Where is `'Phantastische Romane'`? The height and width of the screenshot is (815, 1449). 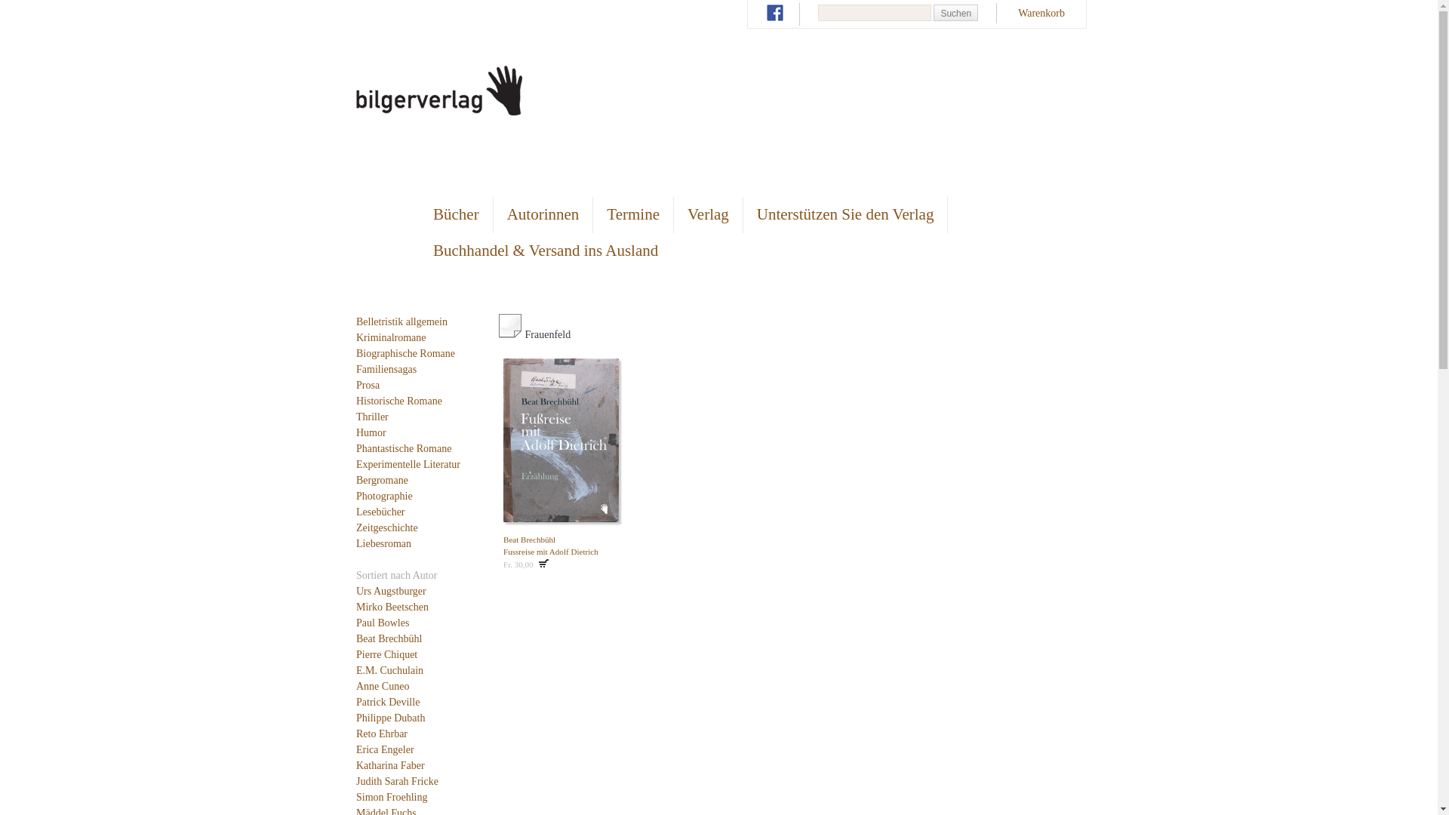
'Phantastische Romane' is located at coordinates (403, 447).